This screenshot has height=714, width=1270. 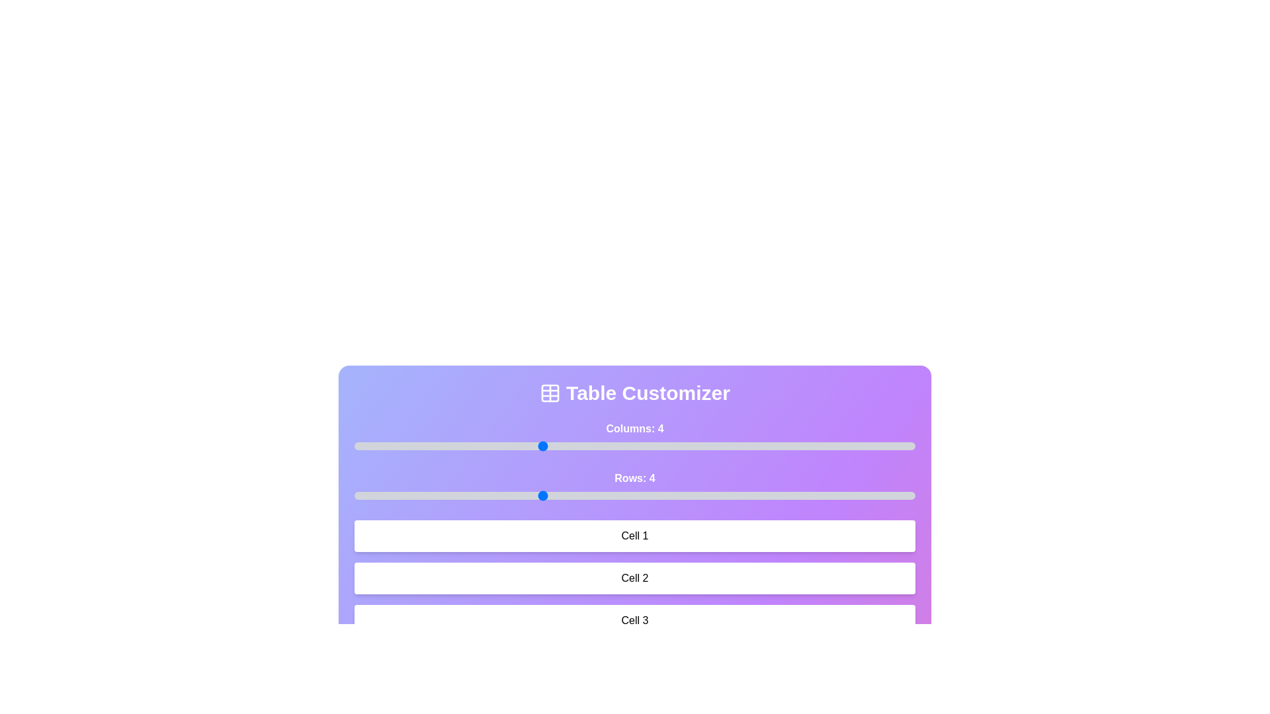 I want to click on the number of rows by setting the slider to 2 rows, so click(x=355, y=495).